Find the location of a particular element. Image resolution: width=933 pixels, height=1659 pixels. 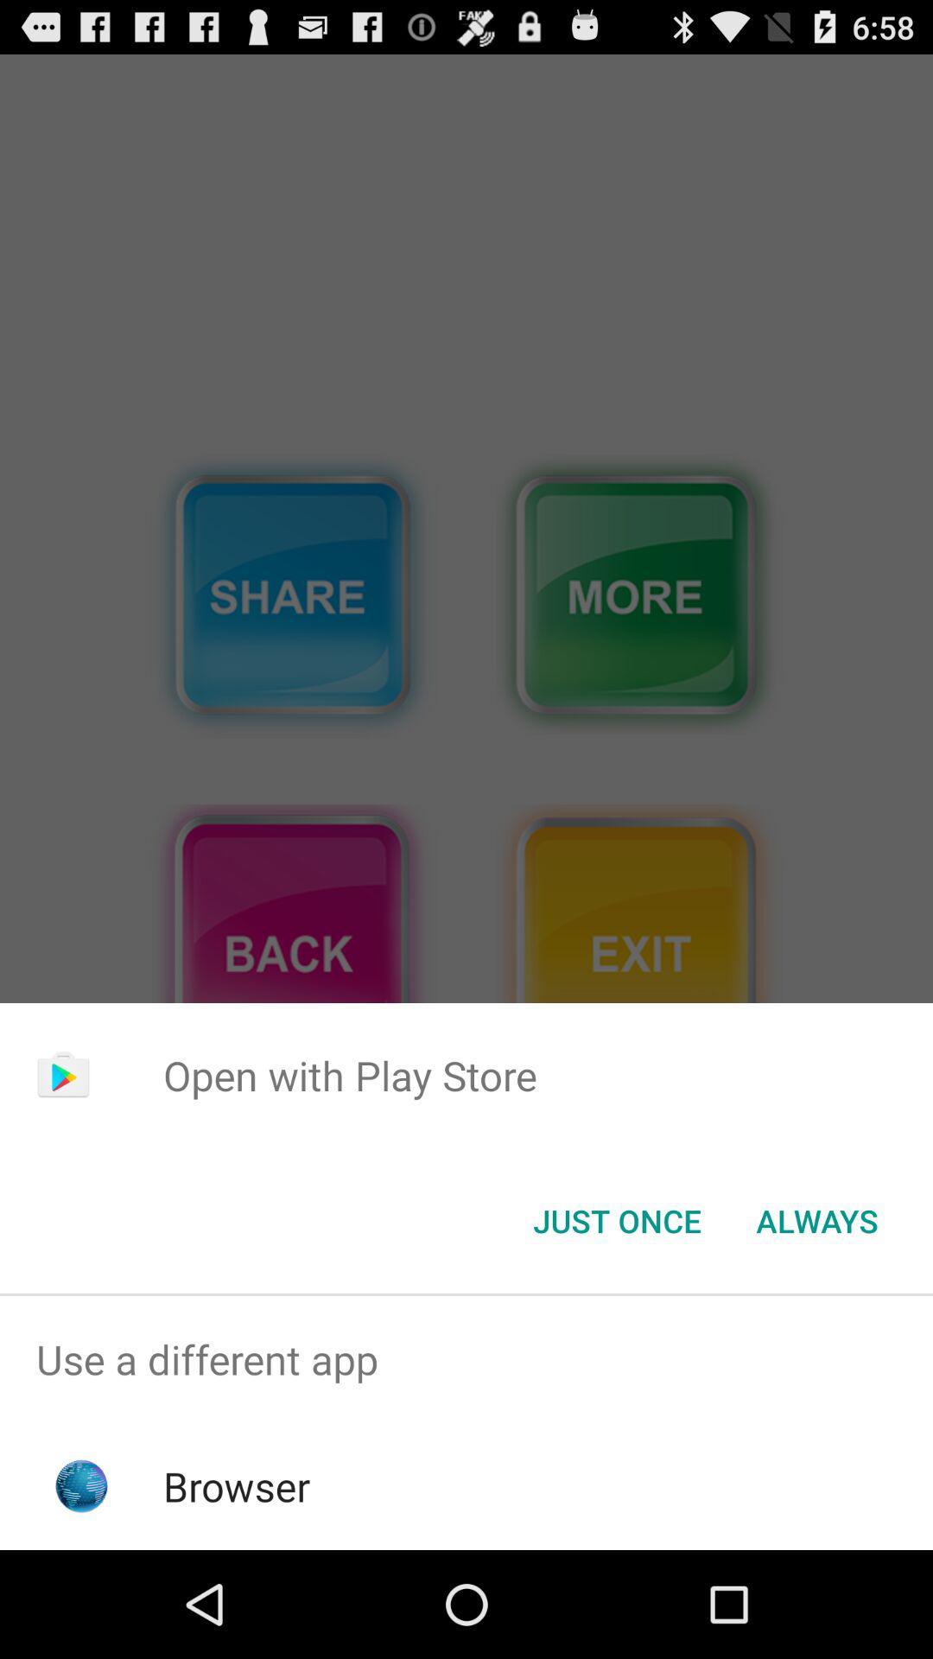

the button at the bottom right corner is located at coordinates (816, 1219).